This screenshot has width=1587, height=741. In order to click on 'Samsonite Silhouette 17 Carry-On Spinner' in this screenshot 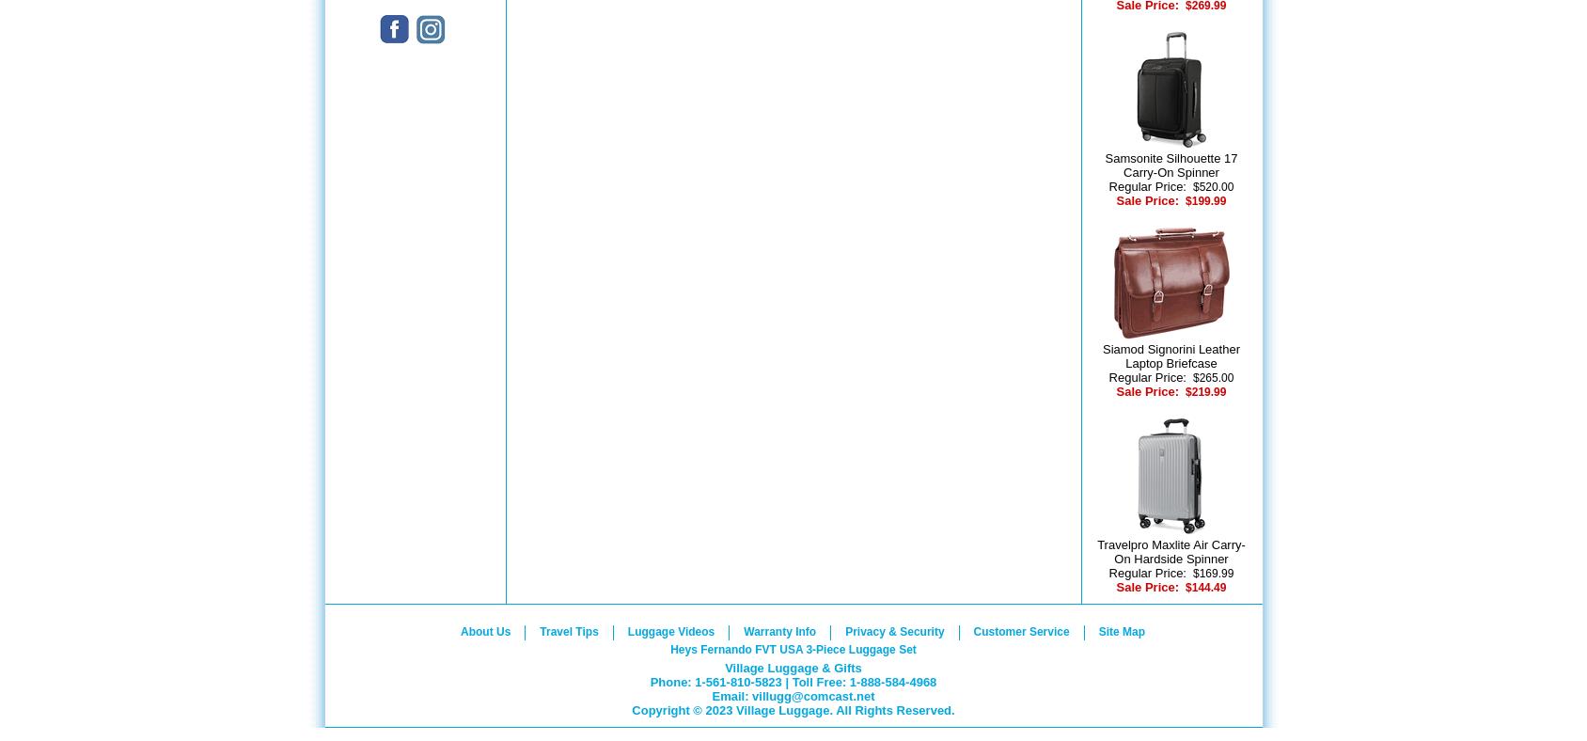, I will do `click(1171, 166)`.